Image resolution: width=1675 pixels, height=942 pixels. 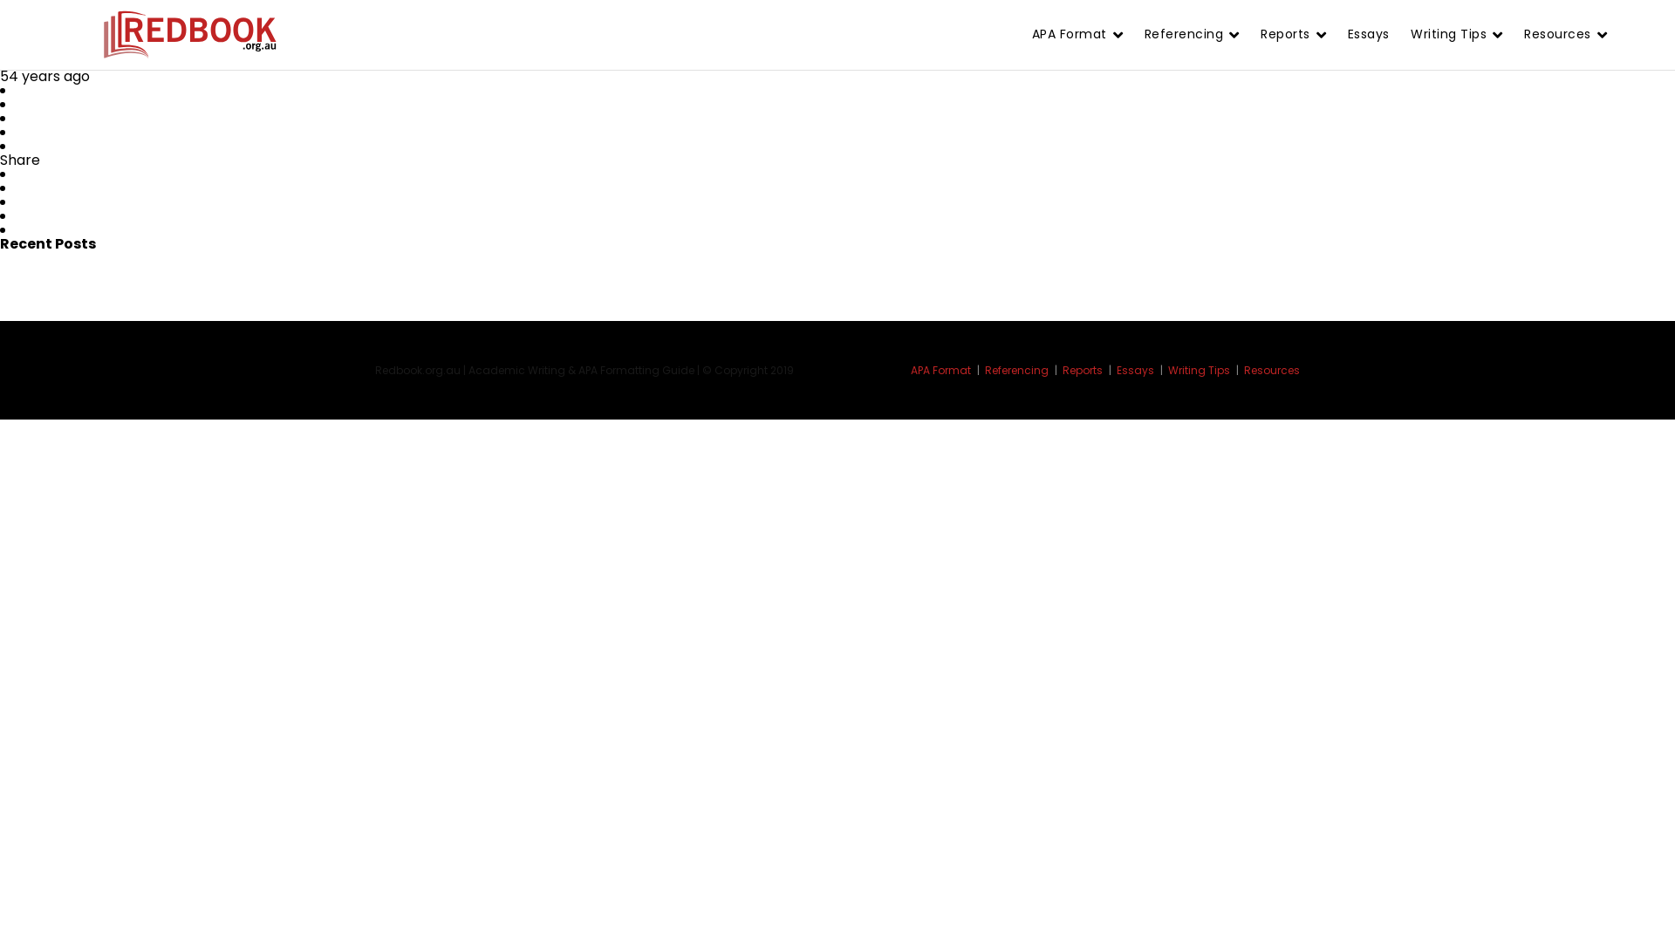 What do you see at coordinates (1272, 369) in the screenshot?
I see `'Resources'` at bounding box center [1272, 369].